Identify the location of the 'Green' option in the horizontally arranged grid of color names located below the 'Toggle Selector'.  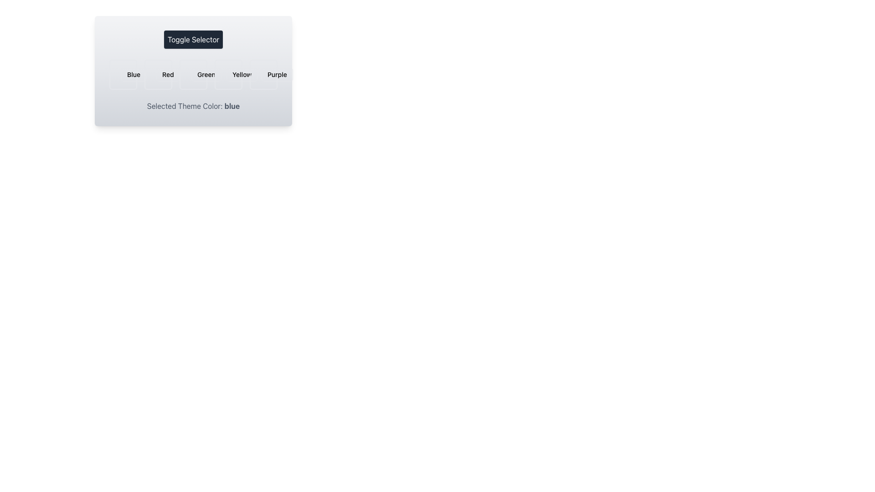
(193, 74).